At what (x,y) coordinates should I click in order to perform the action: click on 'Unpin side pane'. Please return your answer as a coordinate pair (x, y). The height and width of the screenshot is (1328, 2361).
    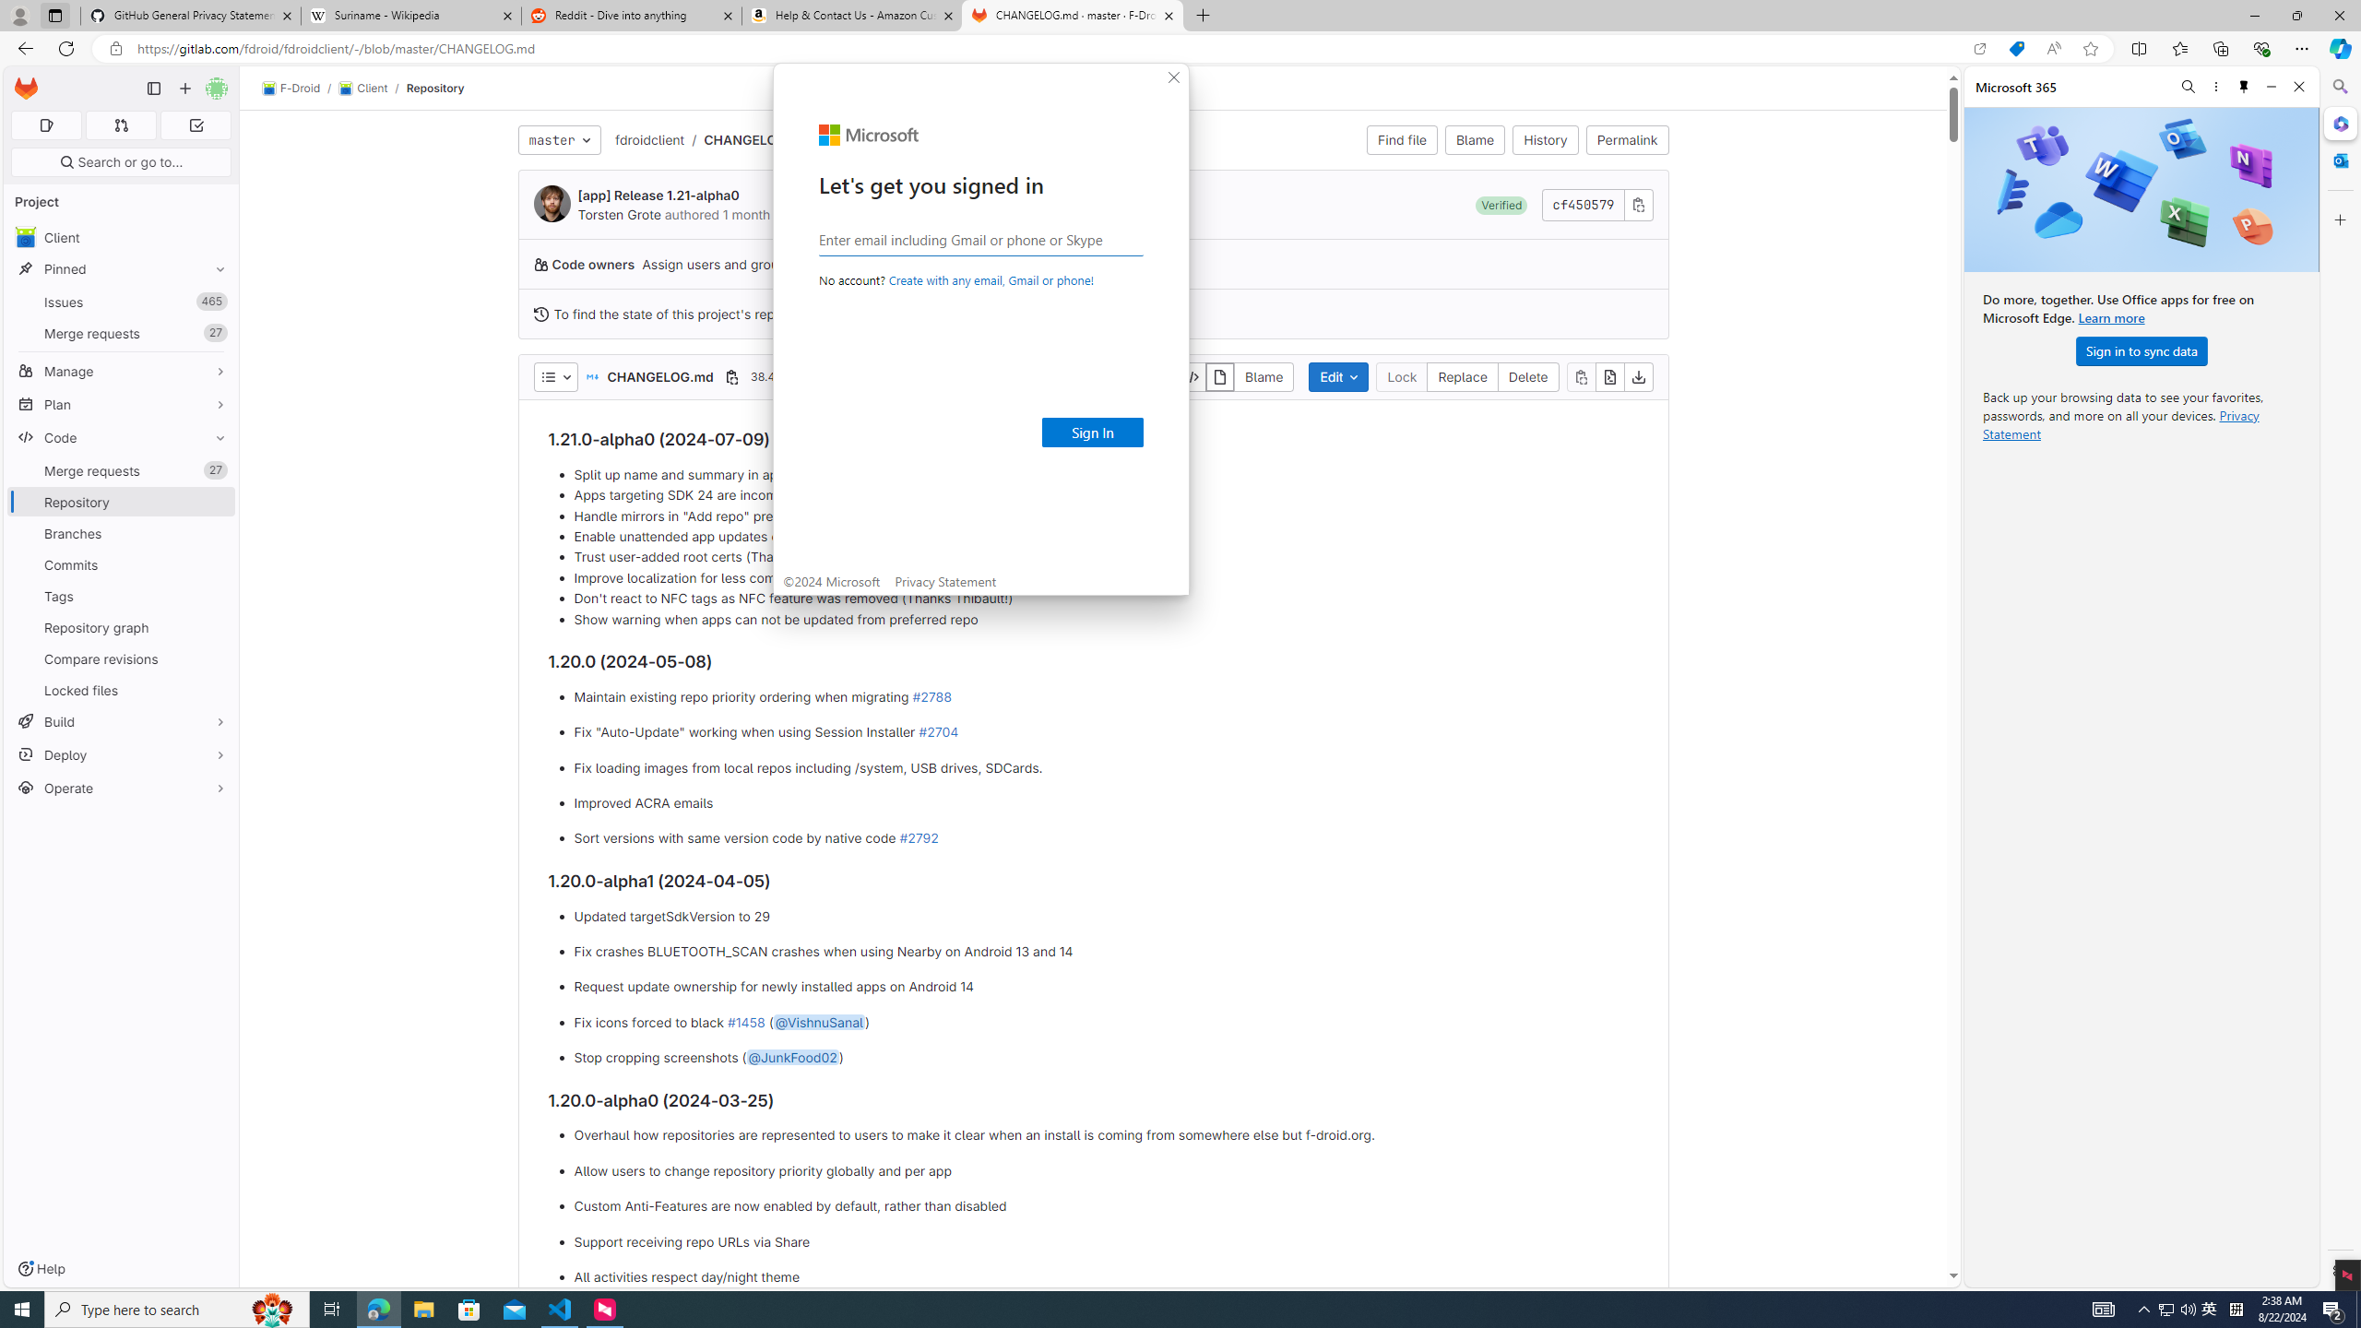
    Looking at the image, I should click on (2244, 86).